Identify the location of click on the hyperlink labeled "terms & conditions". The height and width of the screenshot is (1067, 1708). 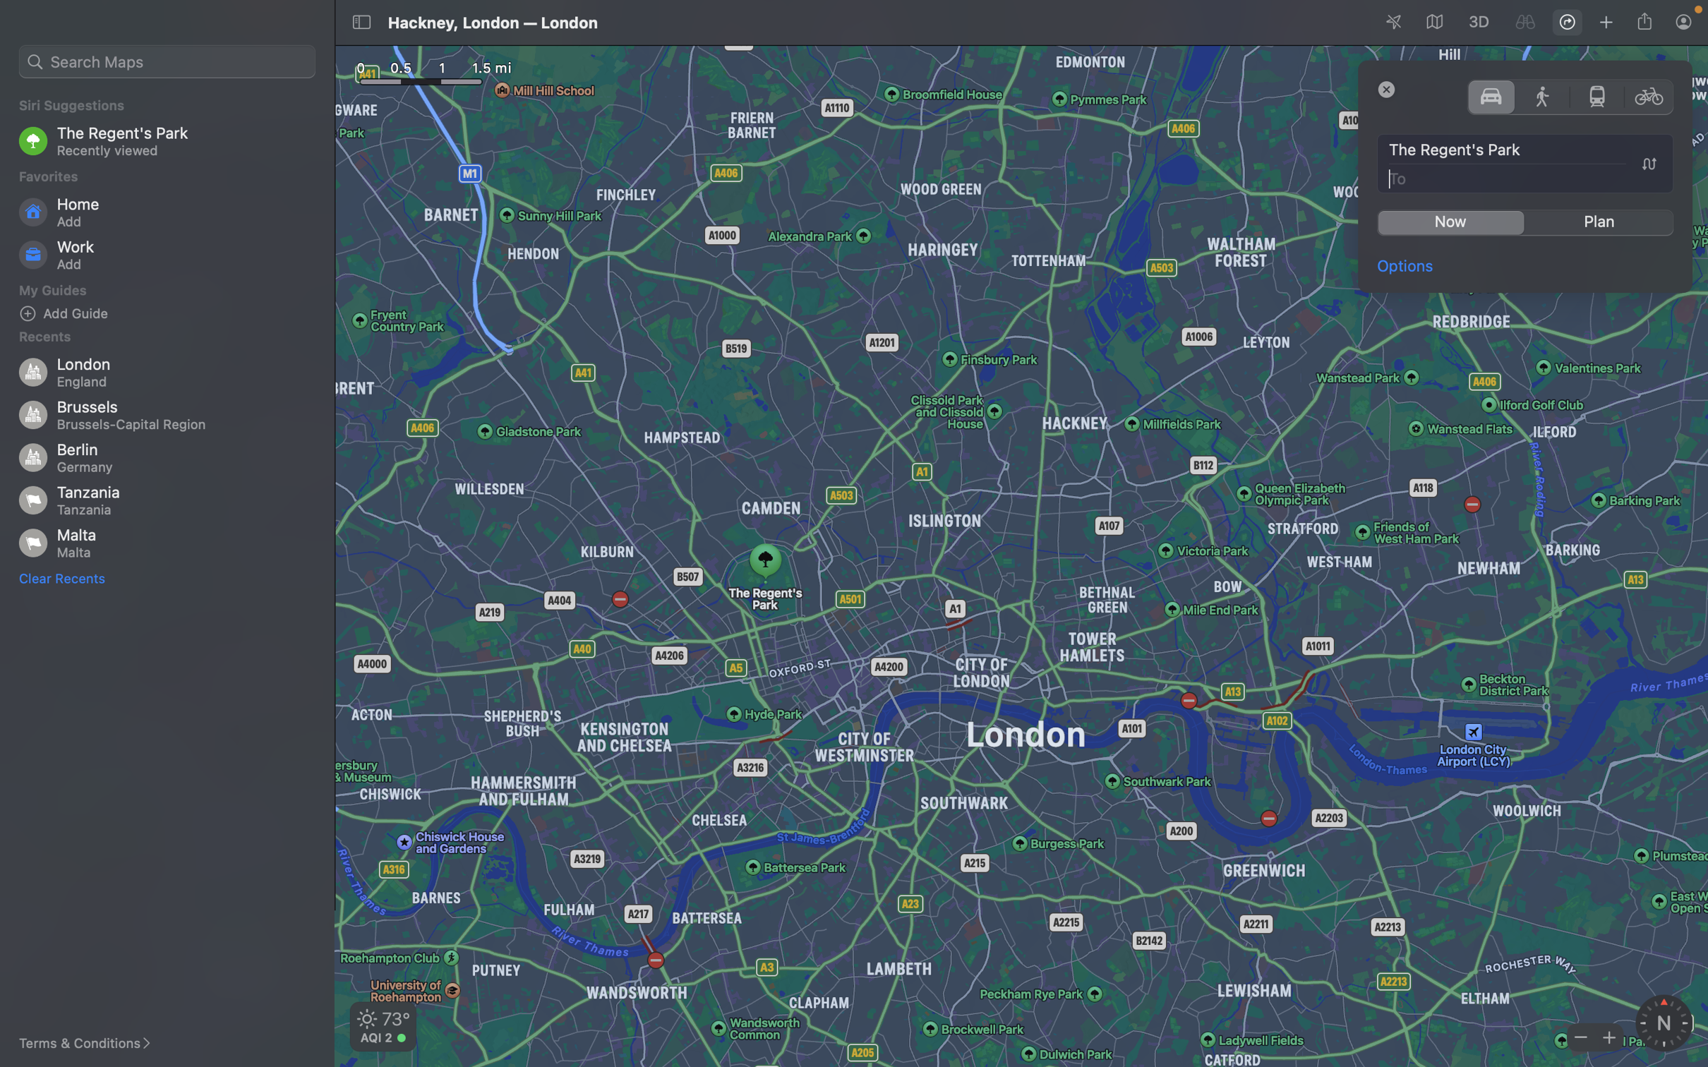
(93, 1043).